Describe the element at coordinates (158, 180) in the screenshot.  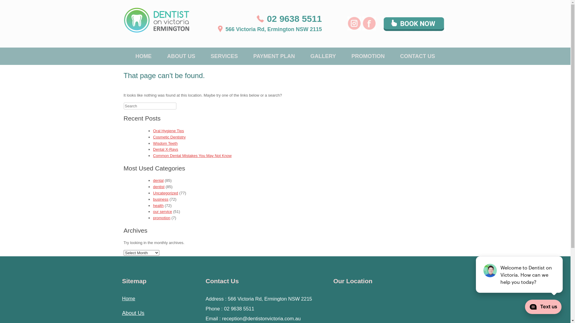
I see `'dental'` at that location.